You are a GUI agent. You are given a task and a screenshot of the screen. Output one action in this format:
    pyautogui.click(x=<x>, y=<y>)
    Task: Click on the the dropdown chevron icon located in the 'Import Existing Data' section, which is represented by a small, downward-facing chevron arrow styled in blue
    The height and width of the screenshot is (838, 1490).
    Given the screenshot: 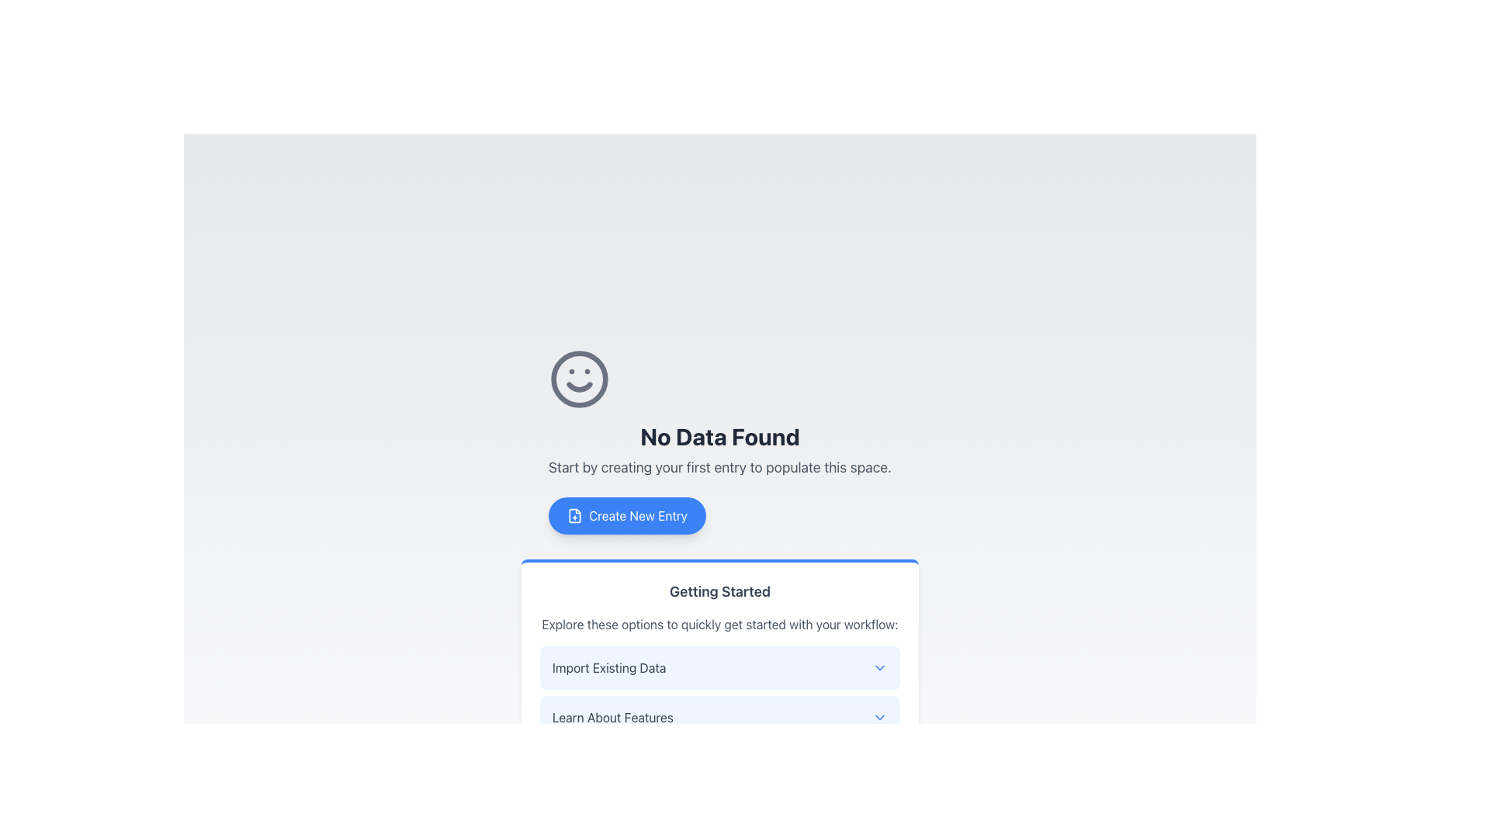 What is the action you would take?
    pyautogui.click(x=879, y=667)
    